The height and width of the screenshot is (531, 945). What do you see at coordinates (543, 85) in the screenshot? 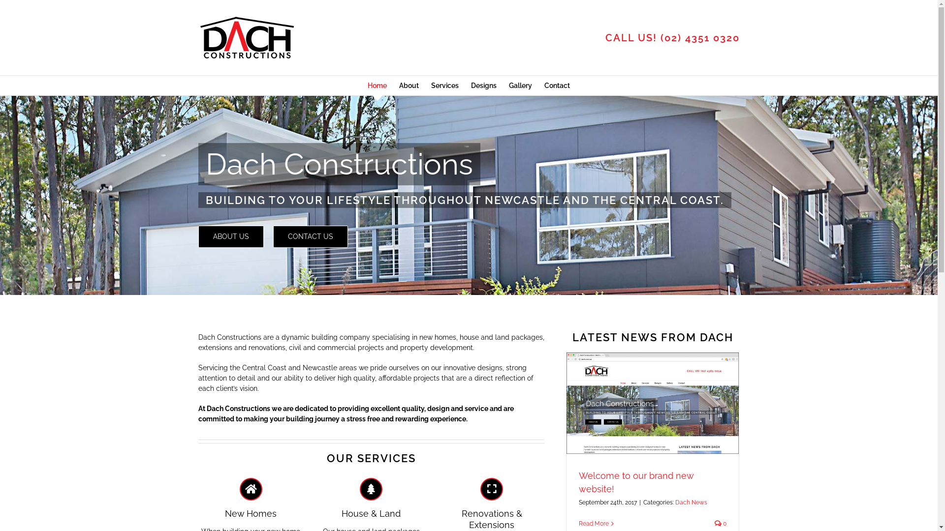
I see `'Contact'` at bounding box center [543, 85].